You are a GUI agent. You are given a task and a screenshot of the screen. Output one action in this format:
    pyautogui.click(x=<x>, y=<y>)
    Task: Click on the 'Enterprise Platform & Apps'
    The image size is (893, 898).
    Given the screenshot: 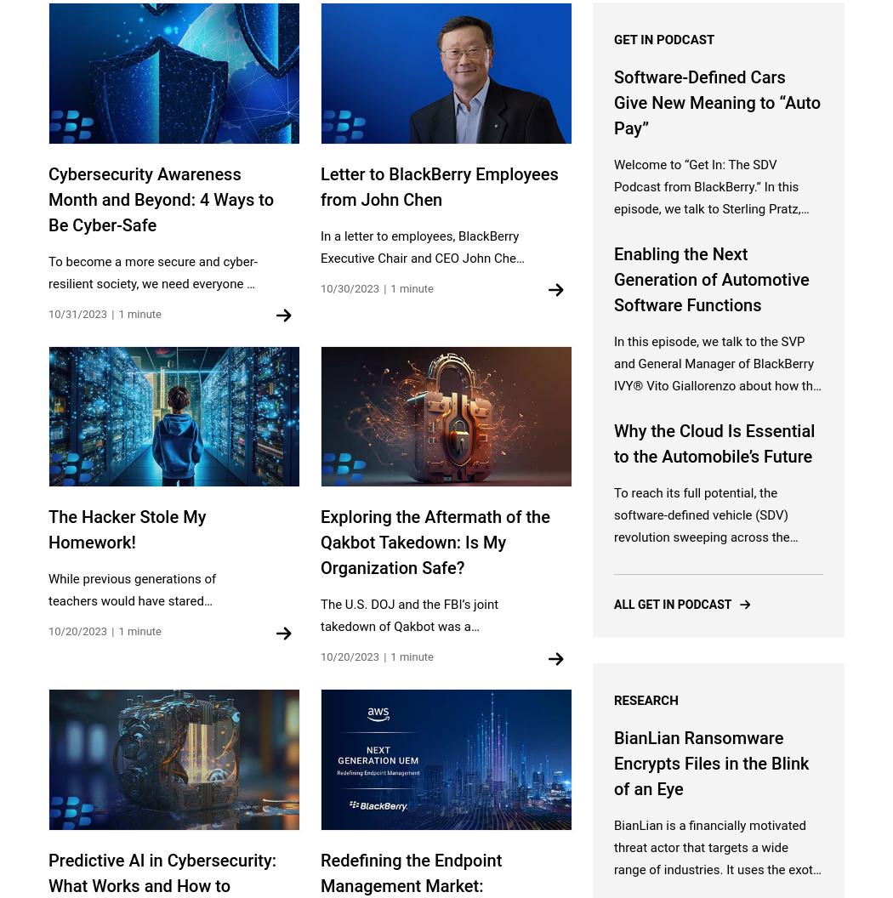 What is the action you would take?
    pyautogui.click(x=320, y=531)
    